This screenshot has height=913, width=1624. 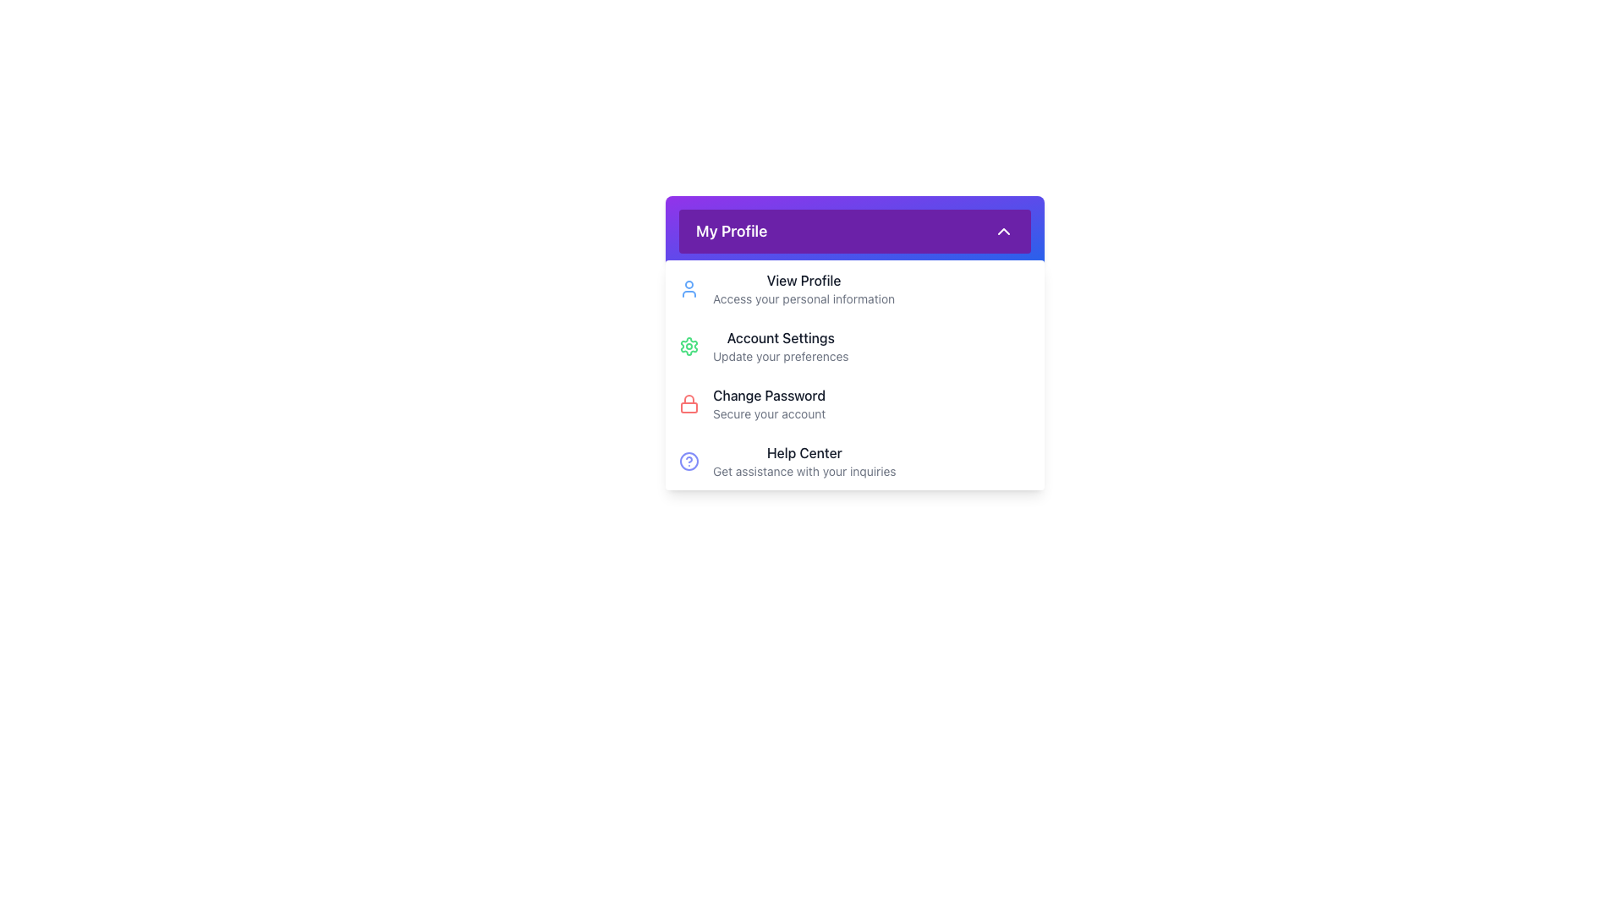 What do you see at coordinates (779, 345) in the screenshot?
I see `the 'Account Settings' title in the List Item with Text and Icon` at bounding box center [779, 345].